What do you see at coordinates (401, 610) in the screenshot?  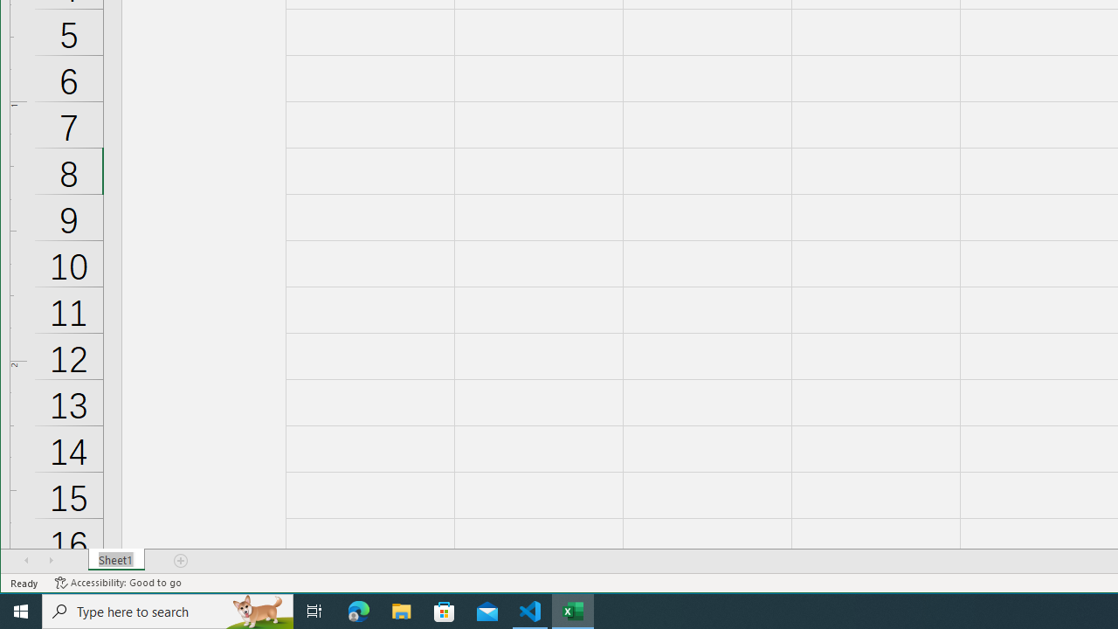 I see `'File Explorer'` at bounding box center [401, 610].